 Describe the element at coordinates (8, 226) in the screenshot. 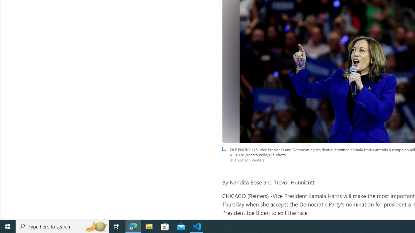

I see `'Start'` at that location.